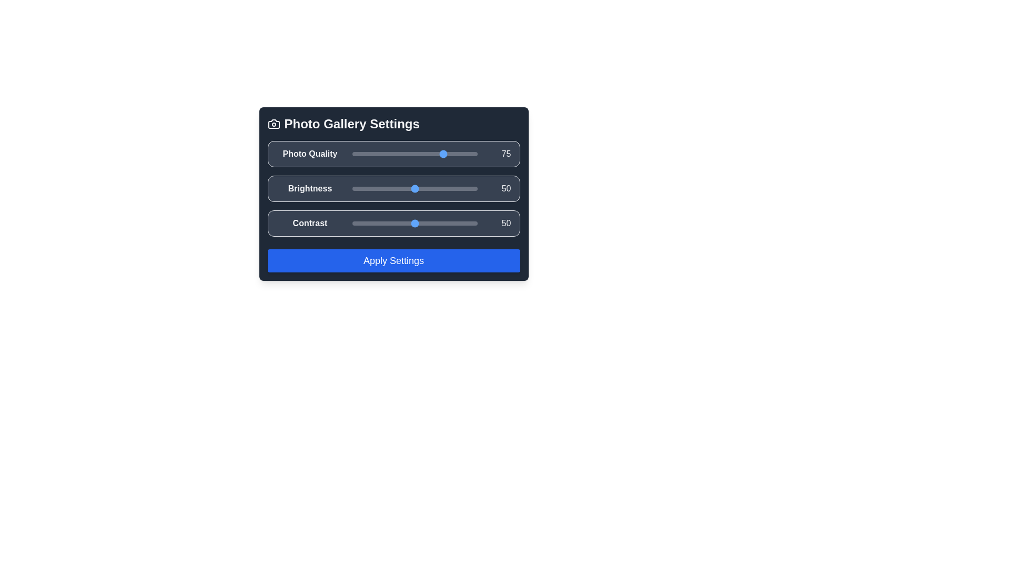 This screenshot has width=1010, height=568. Describe the element at coordinates (410, 188) in the screenshot. I see `brightness` at that location.